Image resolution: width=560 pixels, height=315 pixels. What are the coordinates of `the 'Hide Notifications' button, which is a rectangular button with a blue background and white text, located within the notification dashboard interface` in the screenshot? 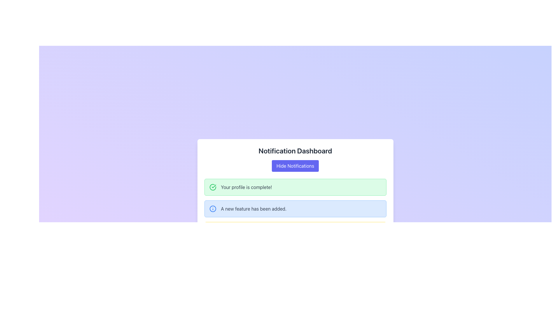 It's located at (295, 166).